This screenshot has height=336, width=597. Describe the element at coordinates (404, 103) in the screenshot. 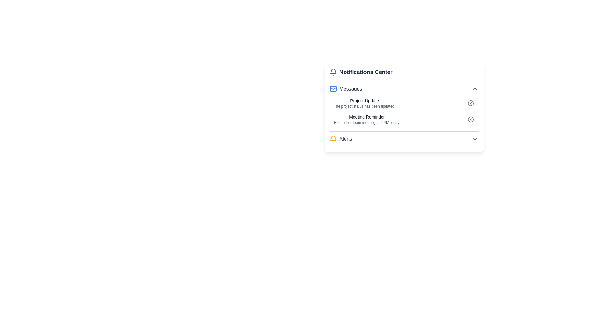

I see `the first notification item in the 'Messages' section of the 'Notifications Center' to read its content` at that location.